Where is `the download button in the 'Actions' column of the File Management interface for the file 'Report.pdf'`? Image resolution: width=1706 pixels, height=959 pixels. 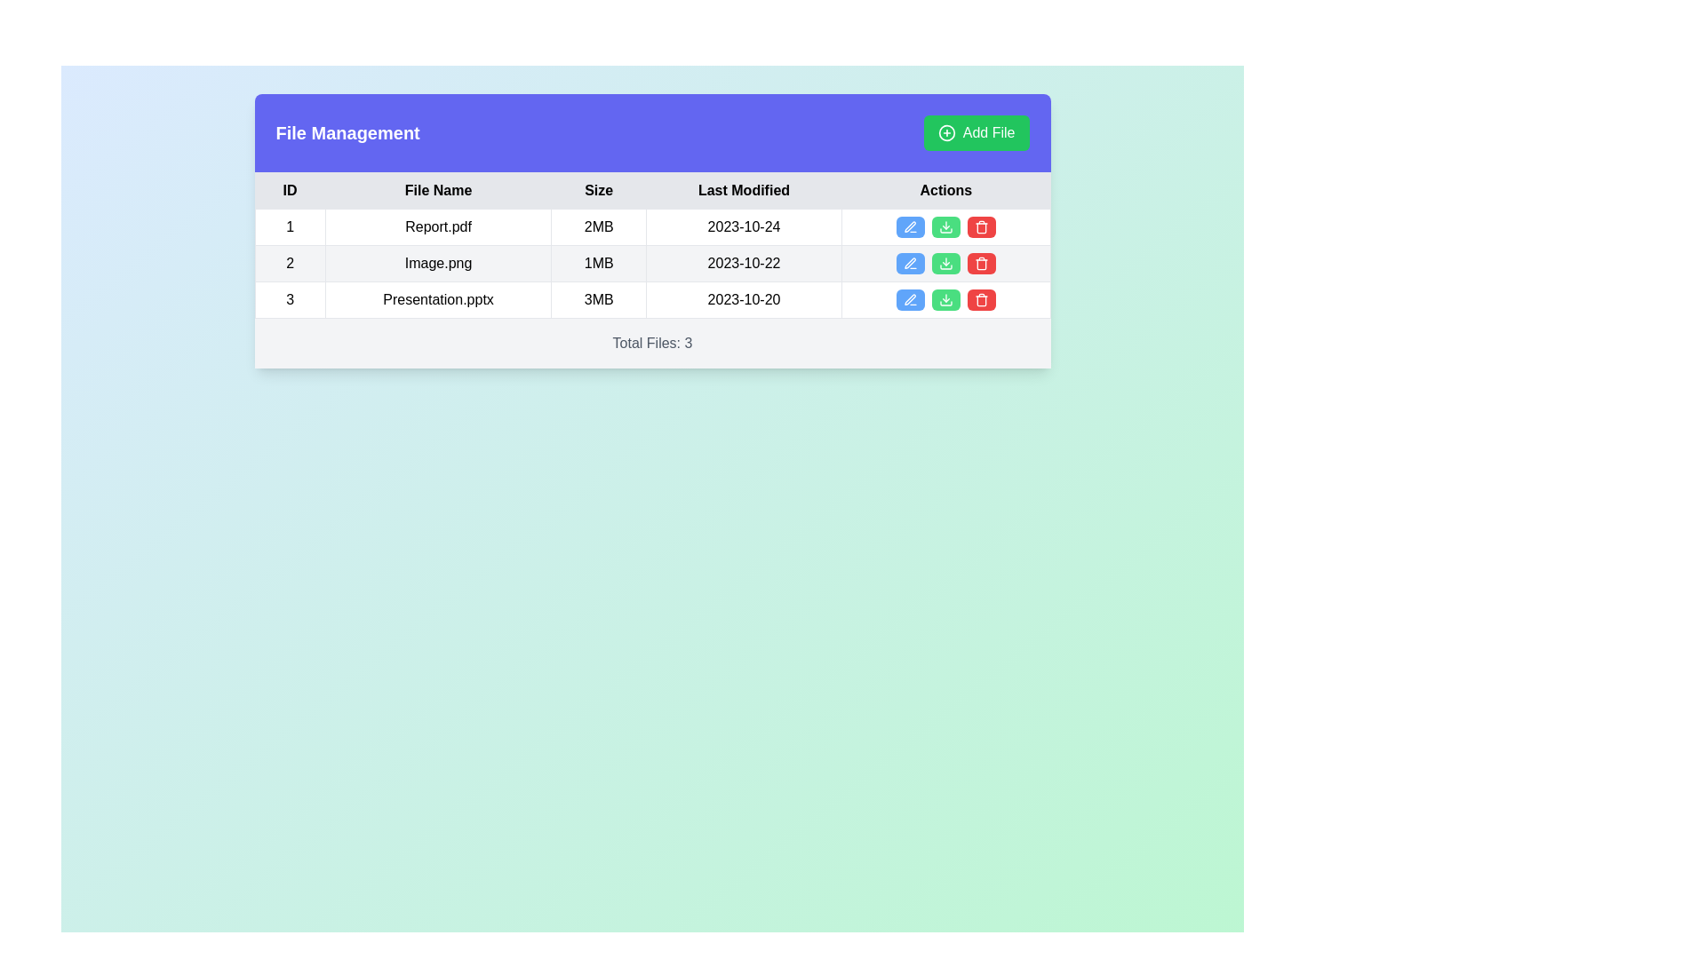
the download button in the 'Actions' column of the File Management interface for the file 'Report.pdf' is located at coordinates (945, 226).